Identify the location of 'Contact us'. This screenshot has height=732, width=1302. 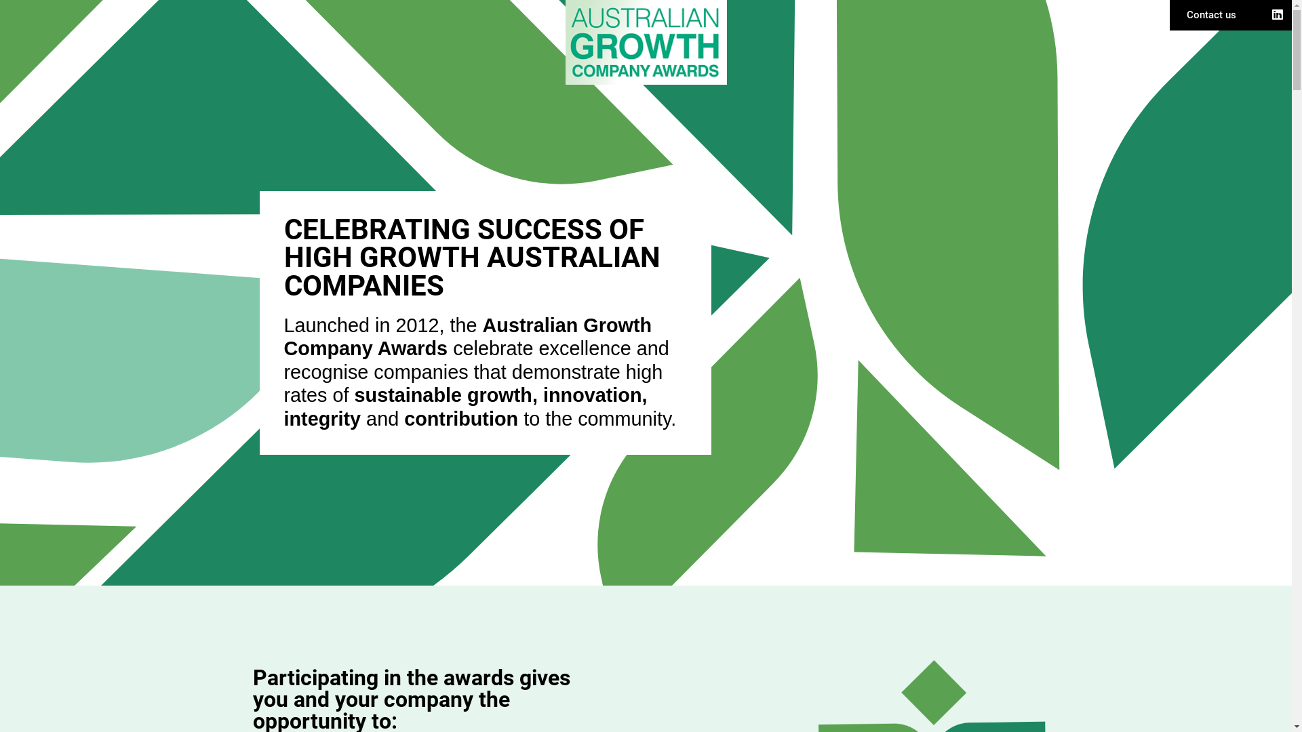
(1186, 15).